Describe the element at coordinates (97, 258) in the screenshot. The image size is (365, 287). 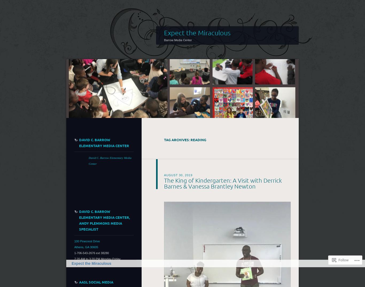
I see `'7:20 AM to 3:20 PM Monday-Friday'` at that location.